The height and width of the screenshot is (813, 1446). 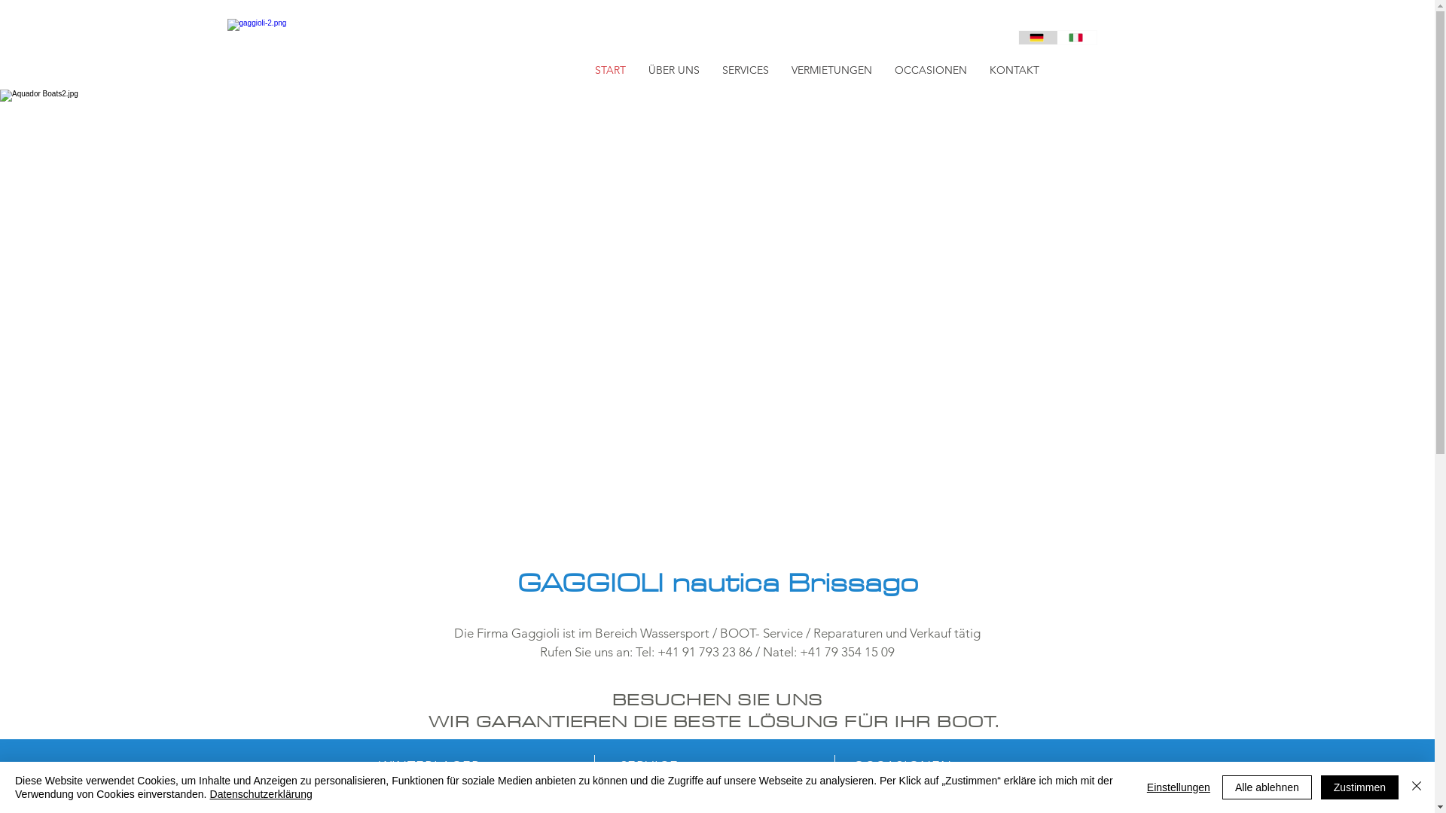 I want to click on 'KONTAKT', so click(x=1013, y=69).